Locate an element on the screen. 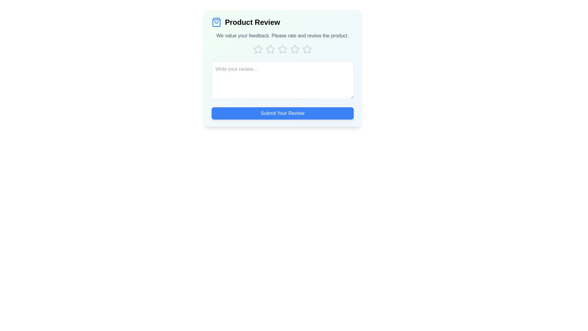 The width and height of the screenshot is (588, 331). the second star-shaped rating button in the 'Product Review' section, which is outlined in gray and is part of a set of five stars is located at coordinates (270, 49).